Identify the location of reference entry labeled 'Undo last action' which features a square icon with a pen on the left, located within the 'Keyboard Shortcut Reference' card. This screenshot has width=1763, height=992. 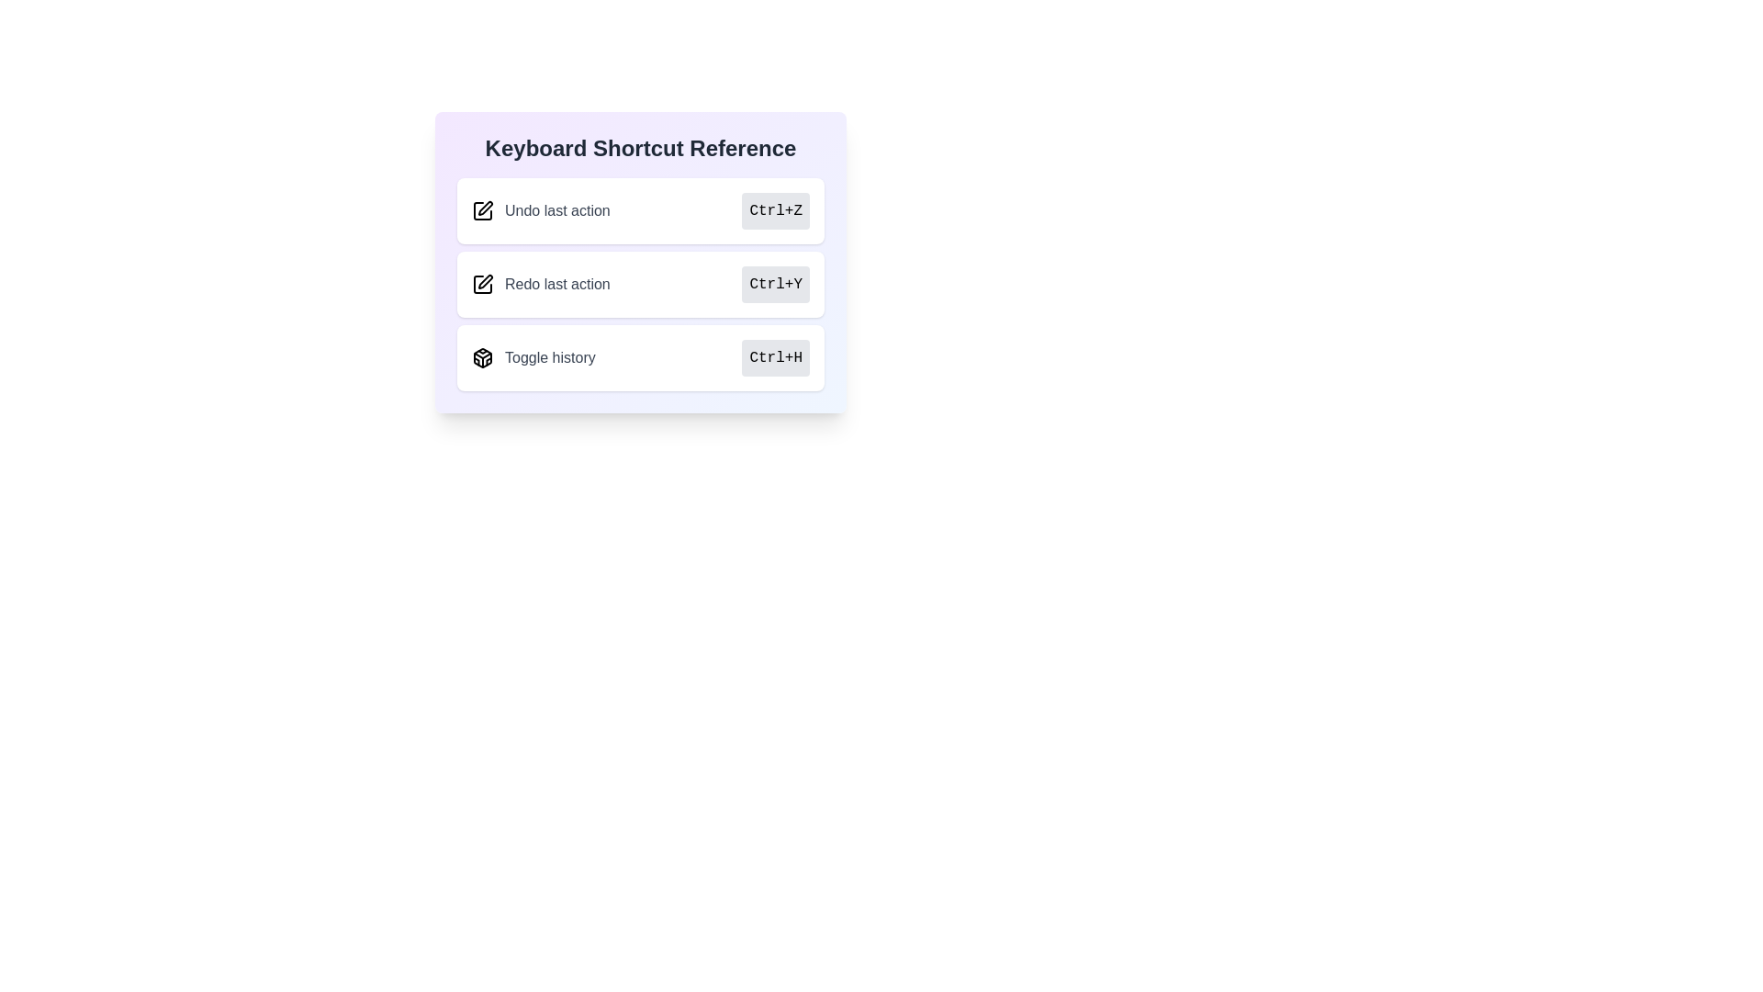
(540, 210).